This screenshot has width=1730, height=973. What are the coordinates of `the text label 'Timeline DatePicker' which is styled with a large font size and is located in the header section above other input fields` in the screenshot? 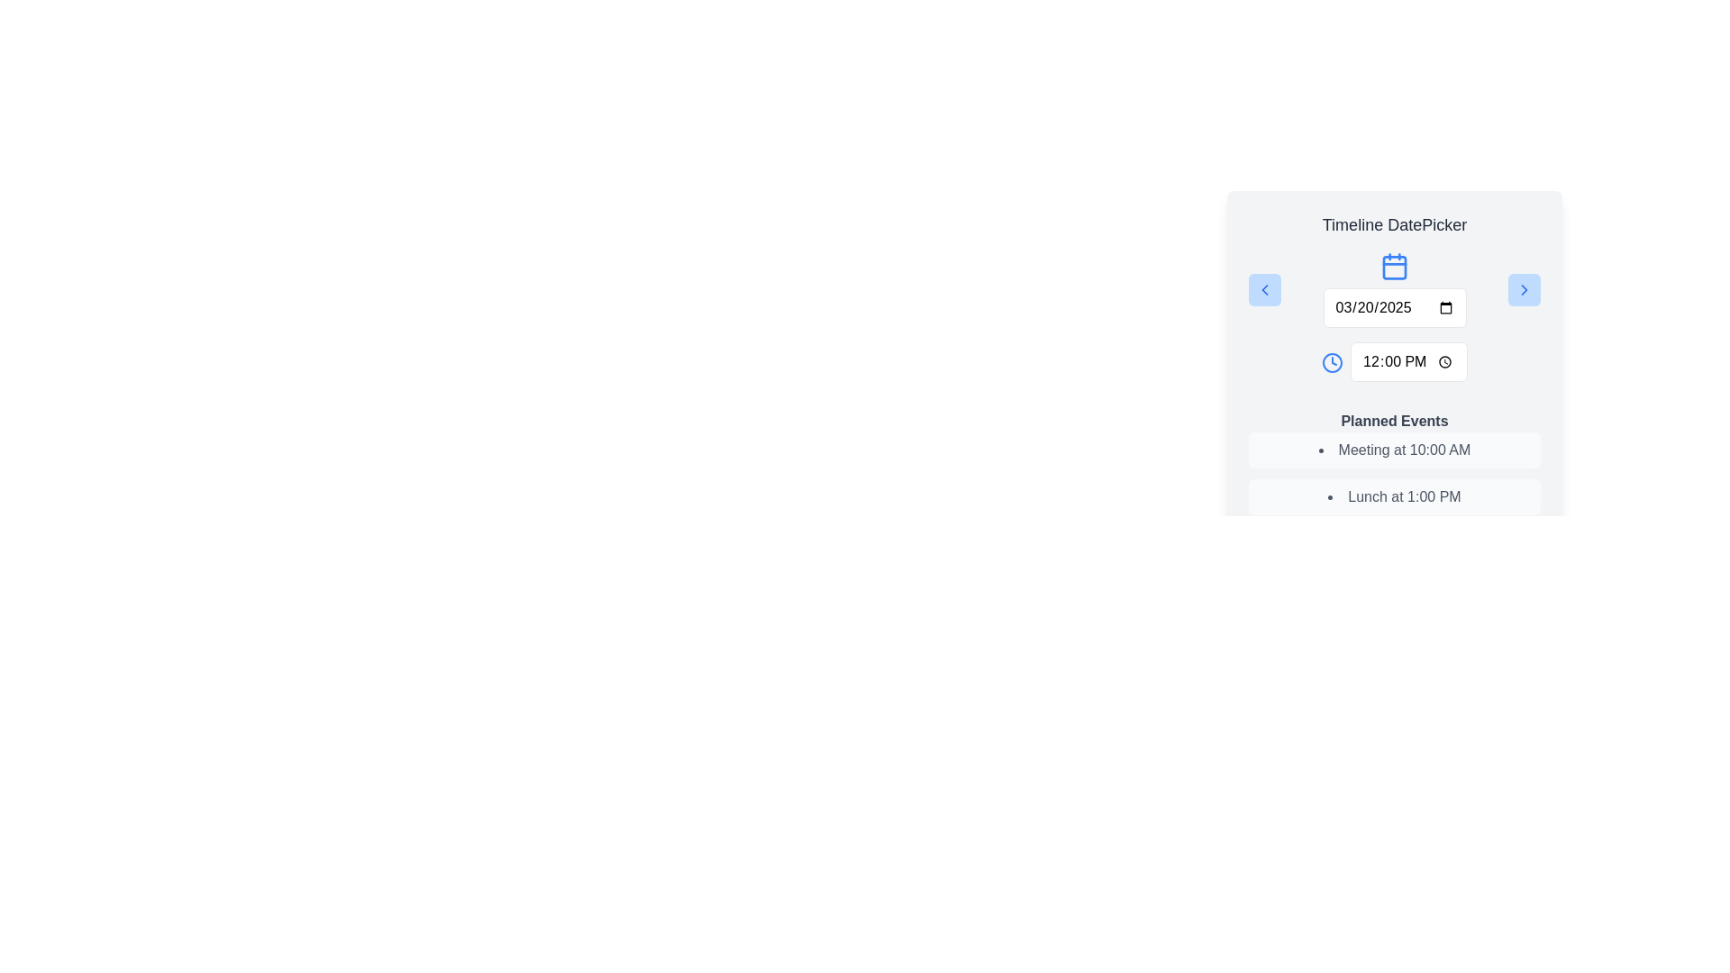 It's located at (1394, 224).